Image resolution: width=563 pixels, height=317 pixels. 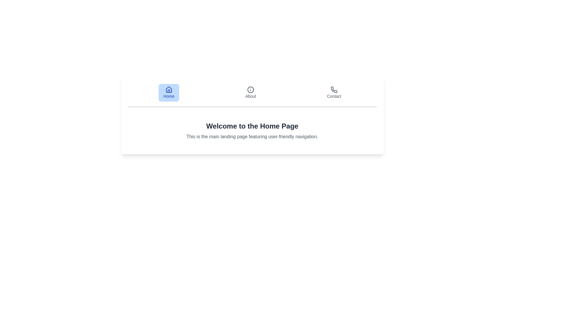 I want to click on the icon associated with the About tab, so click(x=250, y=90).